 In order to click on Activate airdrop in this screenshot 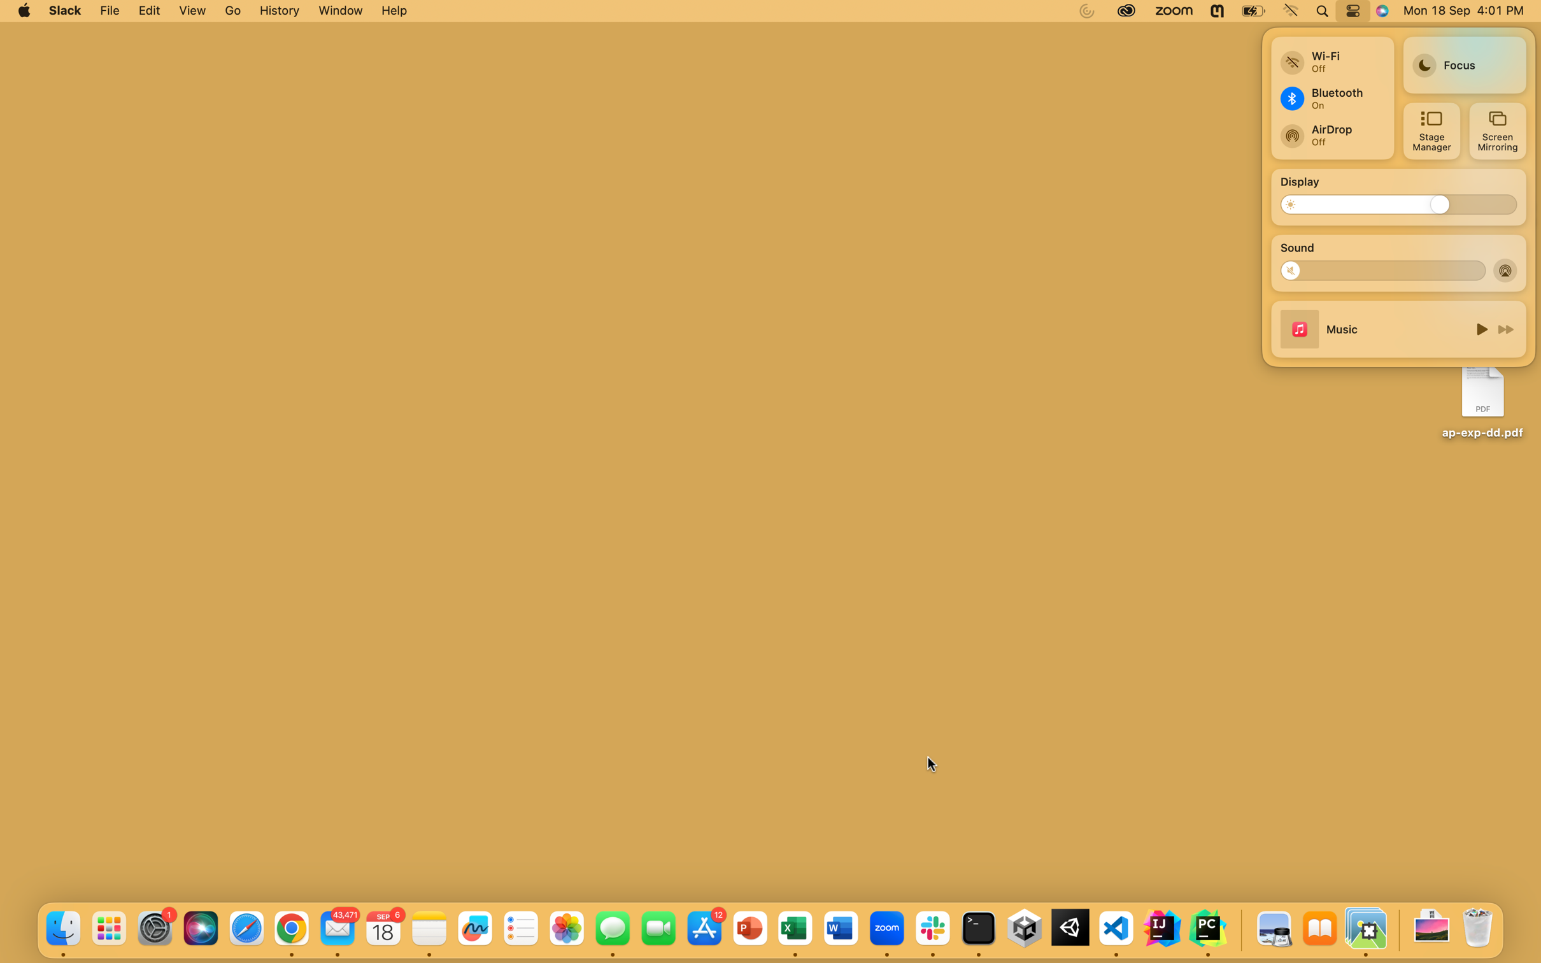, I will do `click(1506, 269)`.